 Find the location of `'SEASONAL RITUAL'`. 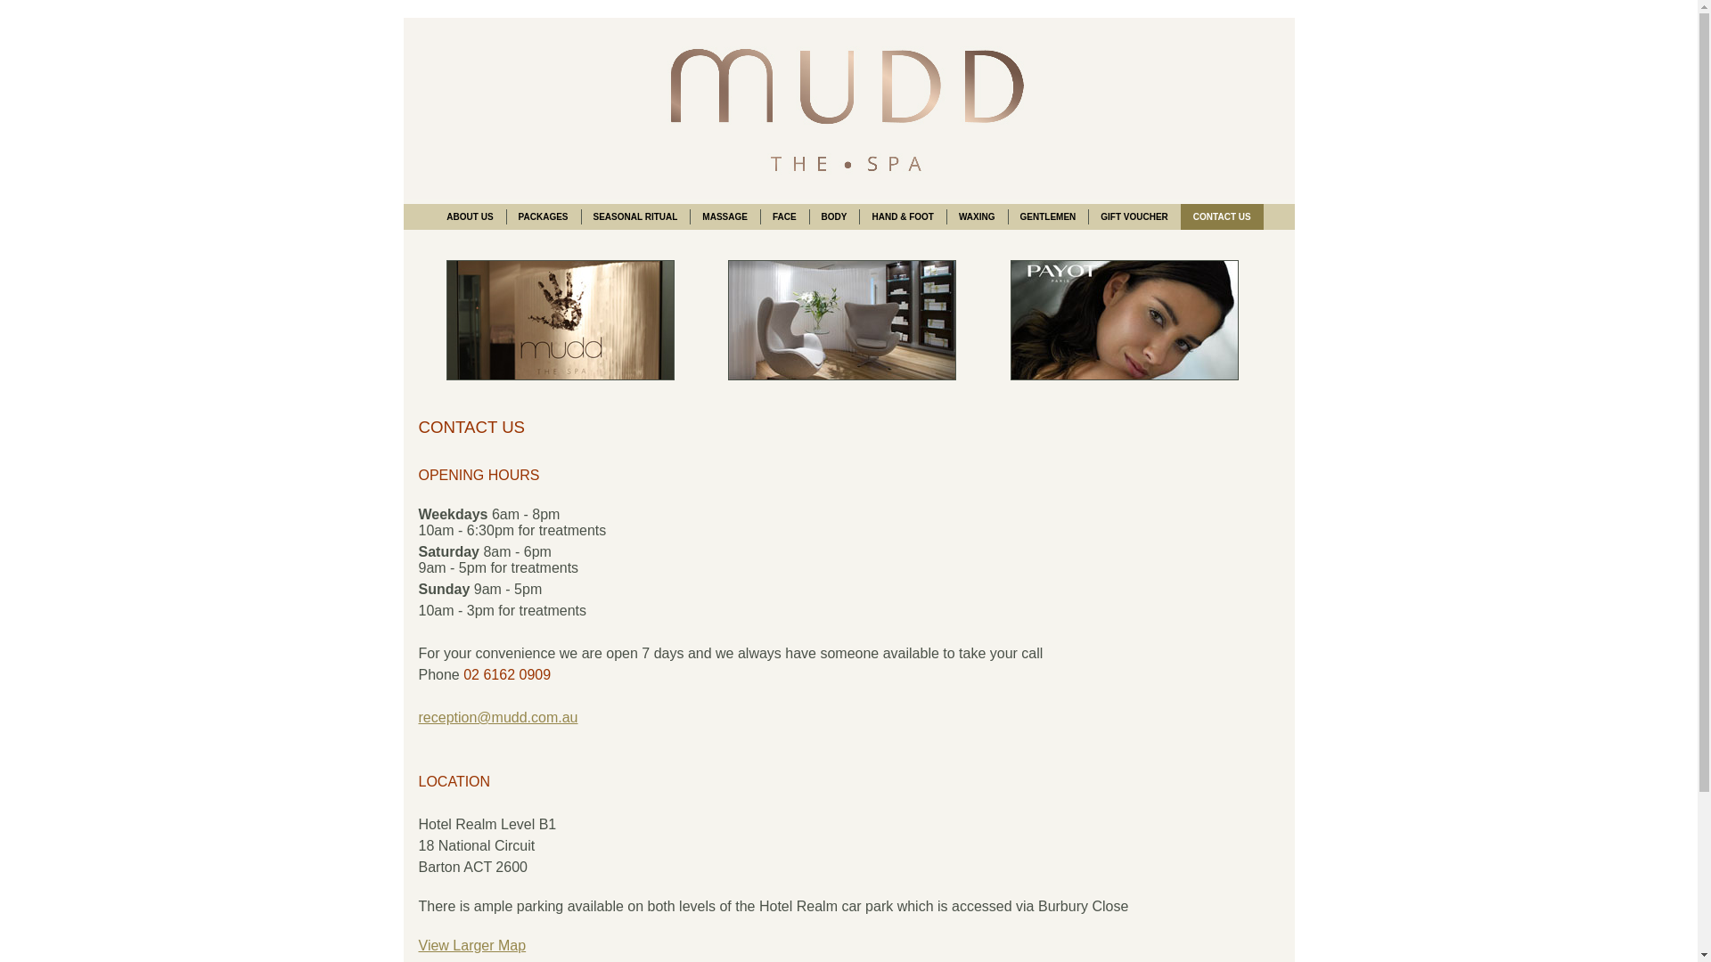

'SEASONAL RITUAL' is located at coordinates (635, 216).